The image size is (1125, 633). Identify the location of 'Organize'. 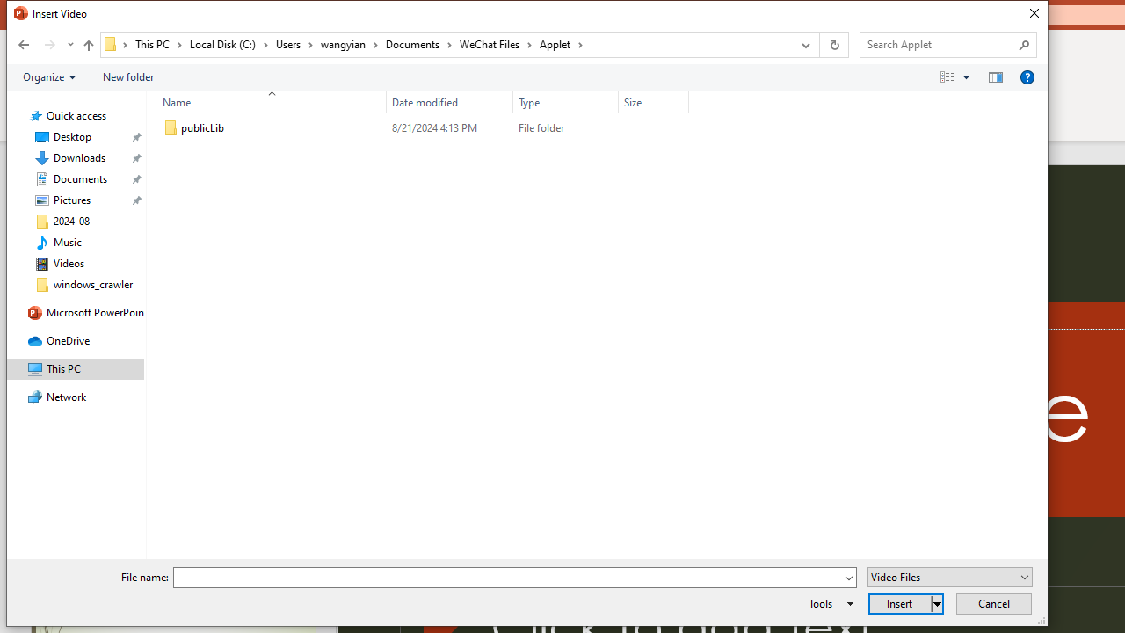
(49, 76).